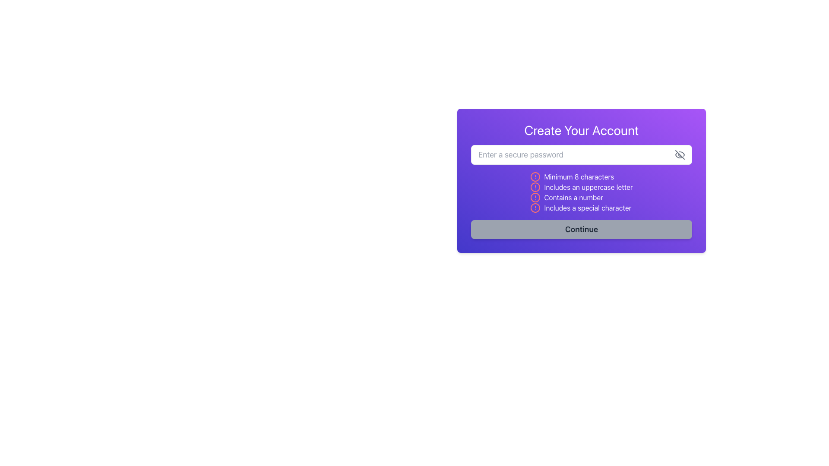  I want to click on the text label that displays 'Contains a number', which is styled in white against a purple background and is the third item in a vertical list of password requirements, so click(573, 198).